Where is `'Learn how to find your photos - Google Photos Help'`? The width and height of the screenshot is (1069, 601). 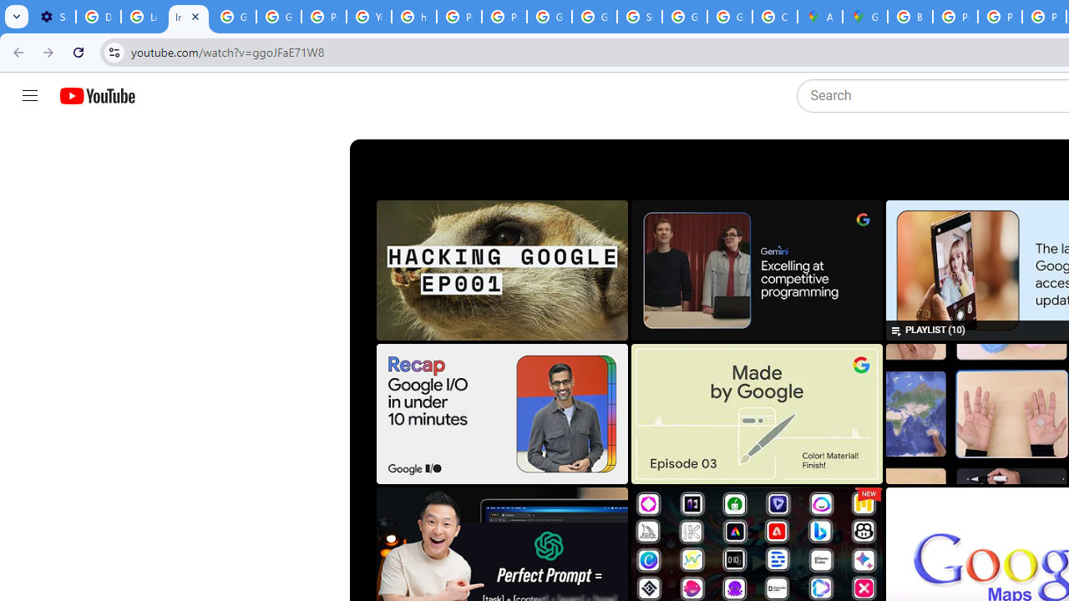 'Learn how to find your photos - Google Photos Help' is located at coordinates (143, 17).